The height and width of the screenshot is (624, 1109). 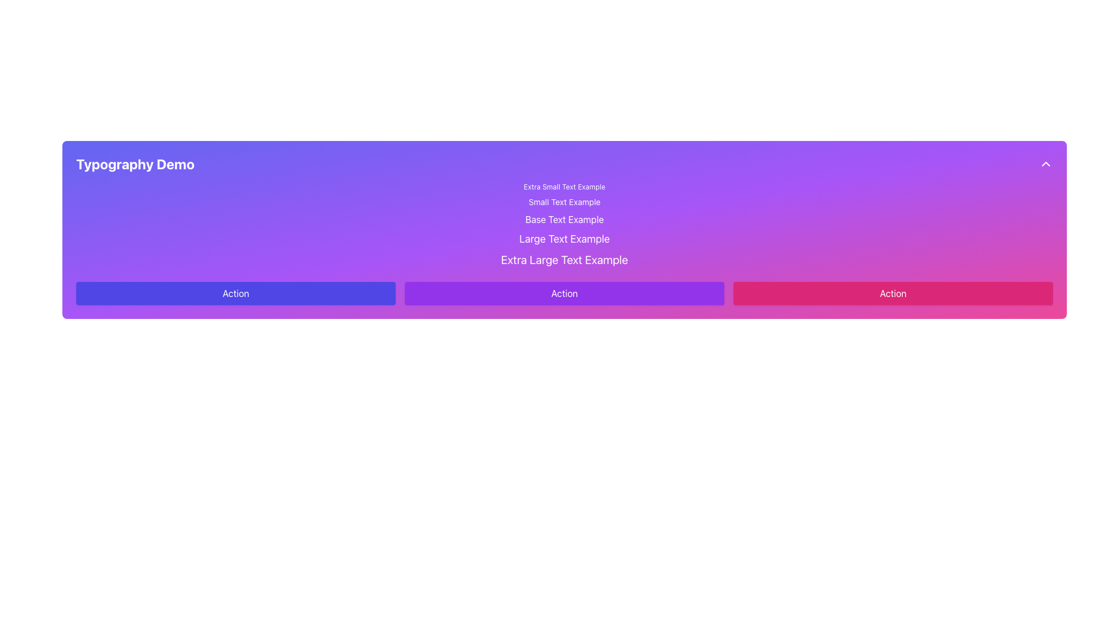 I want to click on the 'Extra Large Text Example' text label, so click(x=564, y=260).